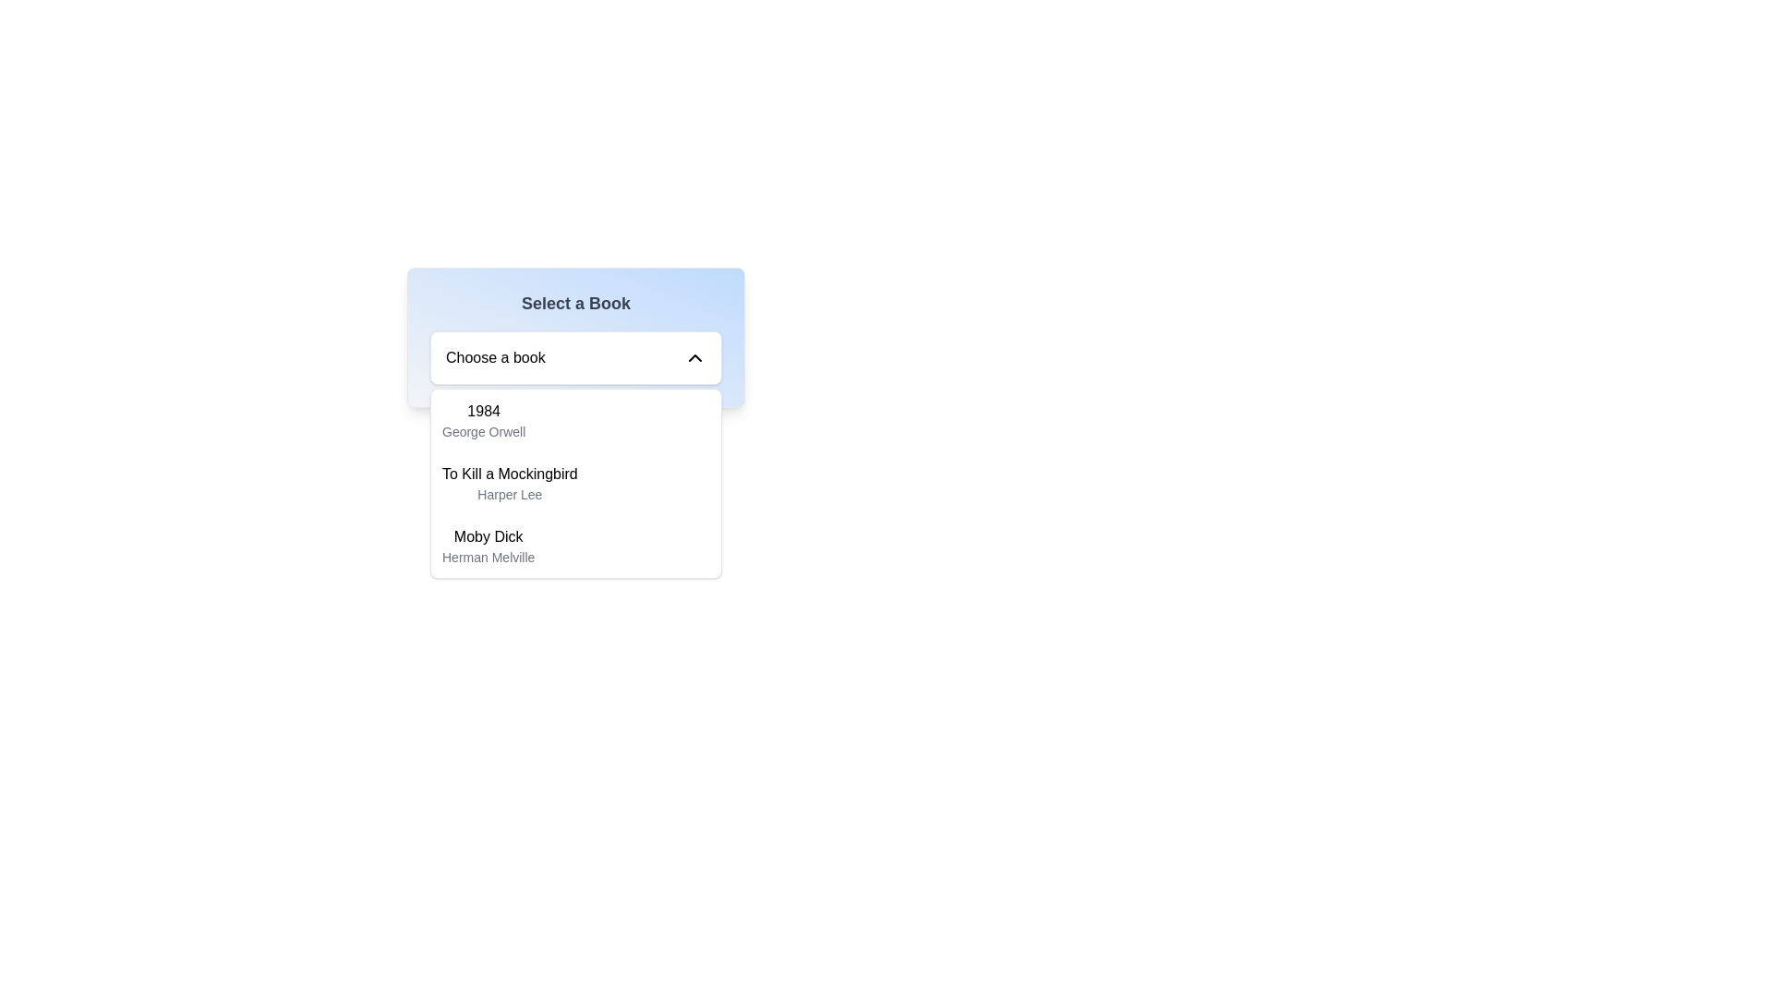 This screenshot has height=997, width=1773. I want to click on the third selectable item in the dropdown menu for book selection to choose it, so click(575, 545).